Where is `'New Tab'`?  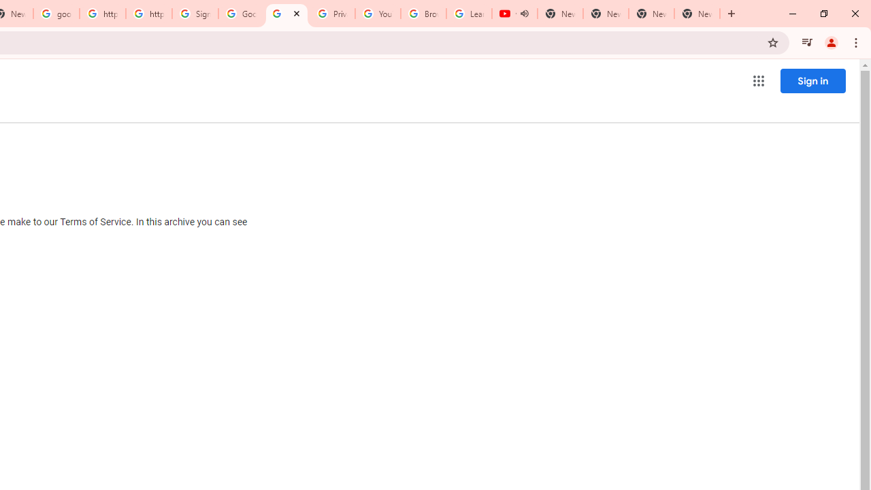
'New Tab' is located at coordinates (697, 14).